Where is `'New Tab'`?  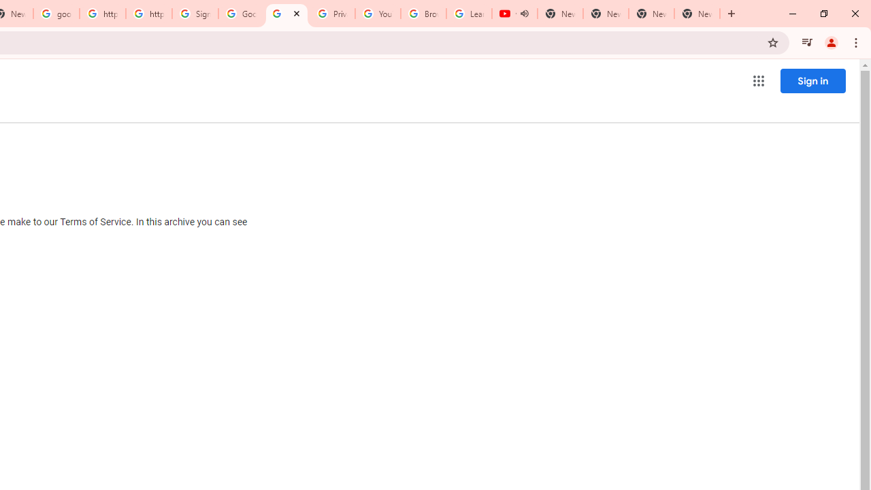
'New Tab' is located at coordinates (697, 14).